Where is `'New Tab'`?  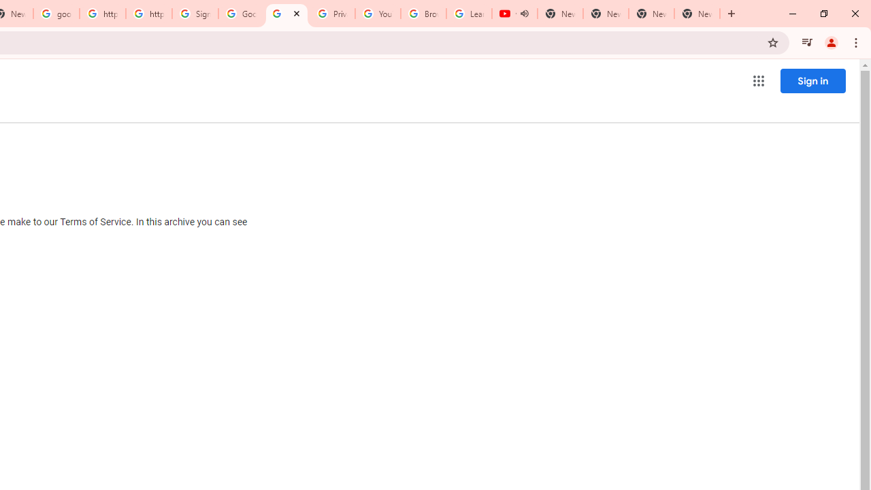
'New Tab' is located at coordinates (697, 14).